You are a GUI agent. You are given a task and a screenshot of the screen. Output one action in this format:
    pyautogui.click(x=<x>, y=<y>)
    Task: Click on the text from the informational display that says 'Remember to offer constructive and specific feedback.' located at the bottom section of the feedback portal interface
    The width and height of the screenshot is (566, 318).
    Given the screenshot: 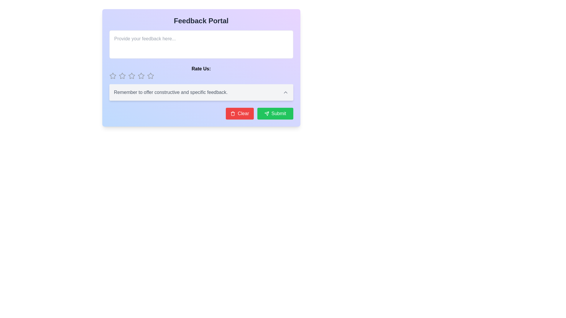 What is the action you would take?
    pyautogui.click(x=201, y=92)
    